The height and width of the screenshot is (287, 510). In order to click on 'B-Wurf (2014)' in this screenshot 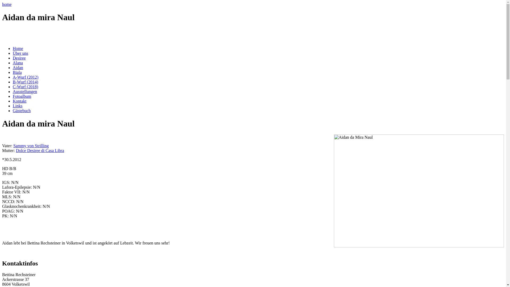, I will do `click(25, 82)`.